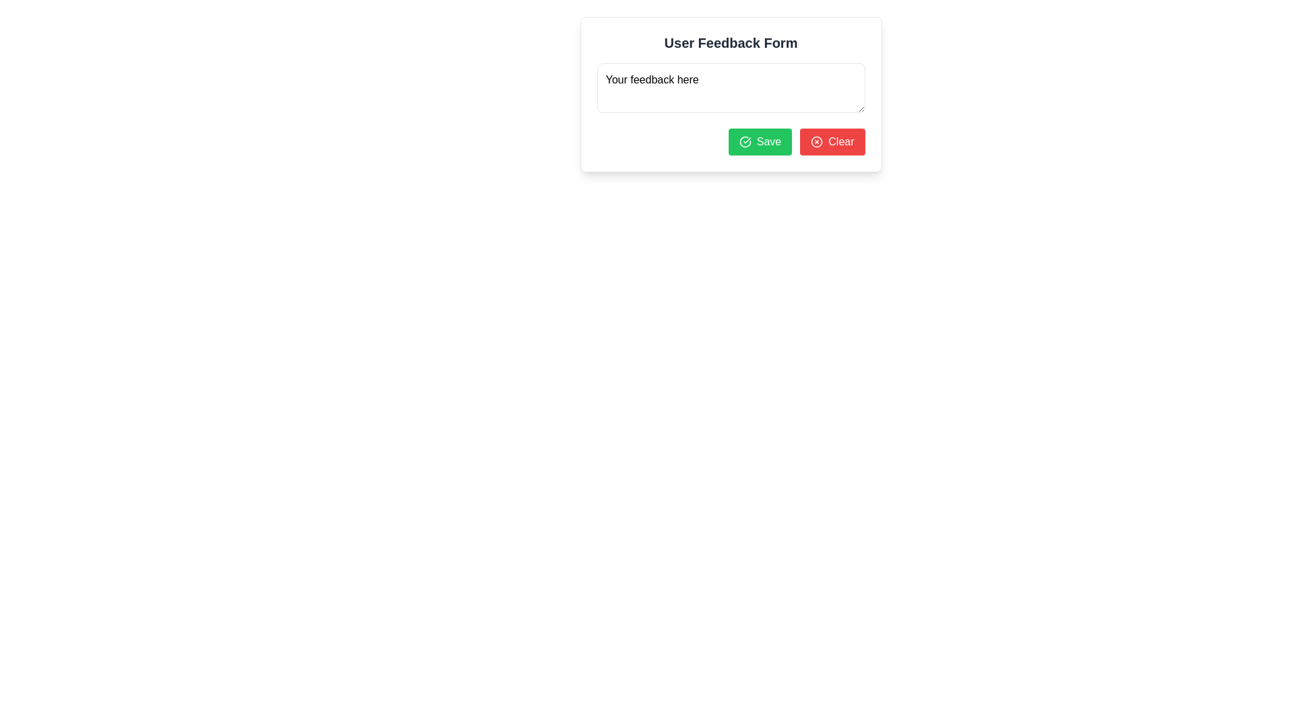  I want to click on the green 'Save' button with white text and a circular checkmark icon, so click(760, 142).